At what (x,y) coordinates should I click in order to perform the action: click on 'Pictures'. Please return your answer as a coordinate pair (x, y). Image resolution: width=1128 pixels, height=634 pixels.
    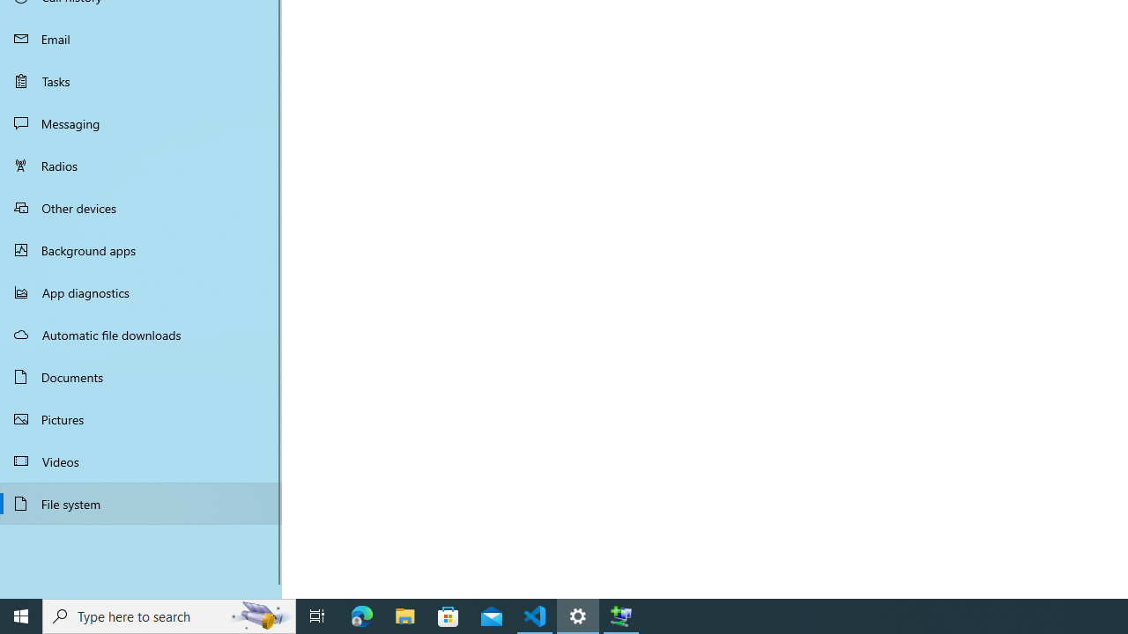
    Looking at the image, I should click on (141, 418).